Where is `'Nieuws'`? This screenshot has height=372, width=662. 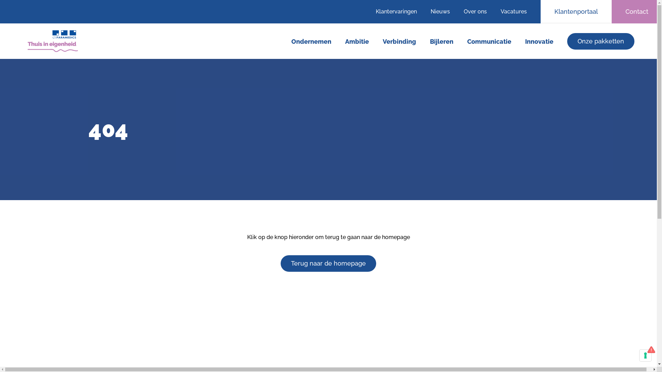 'Nieuws' is located at coordinates (440, 12).